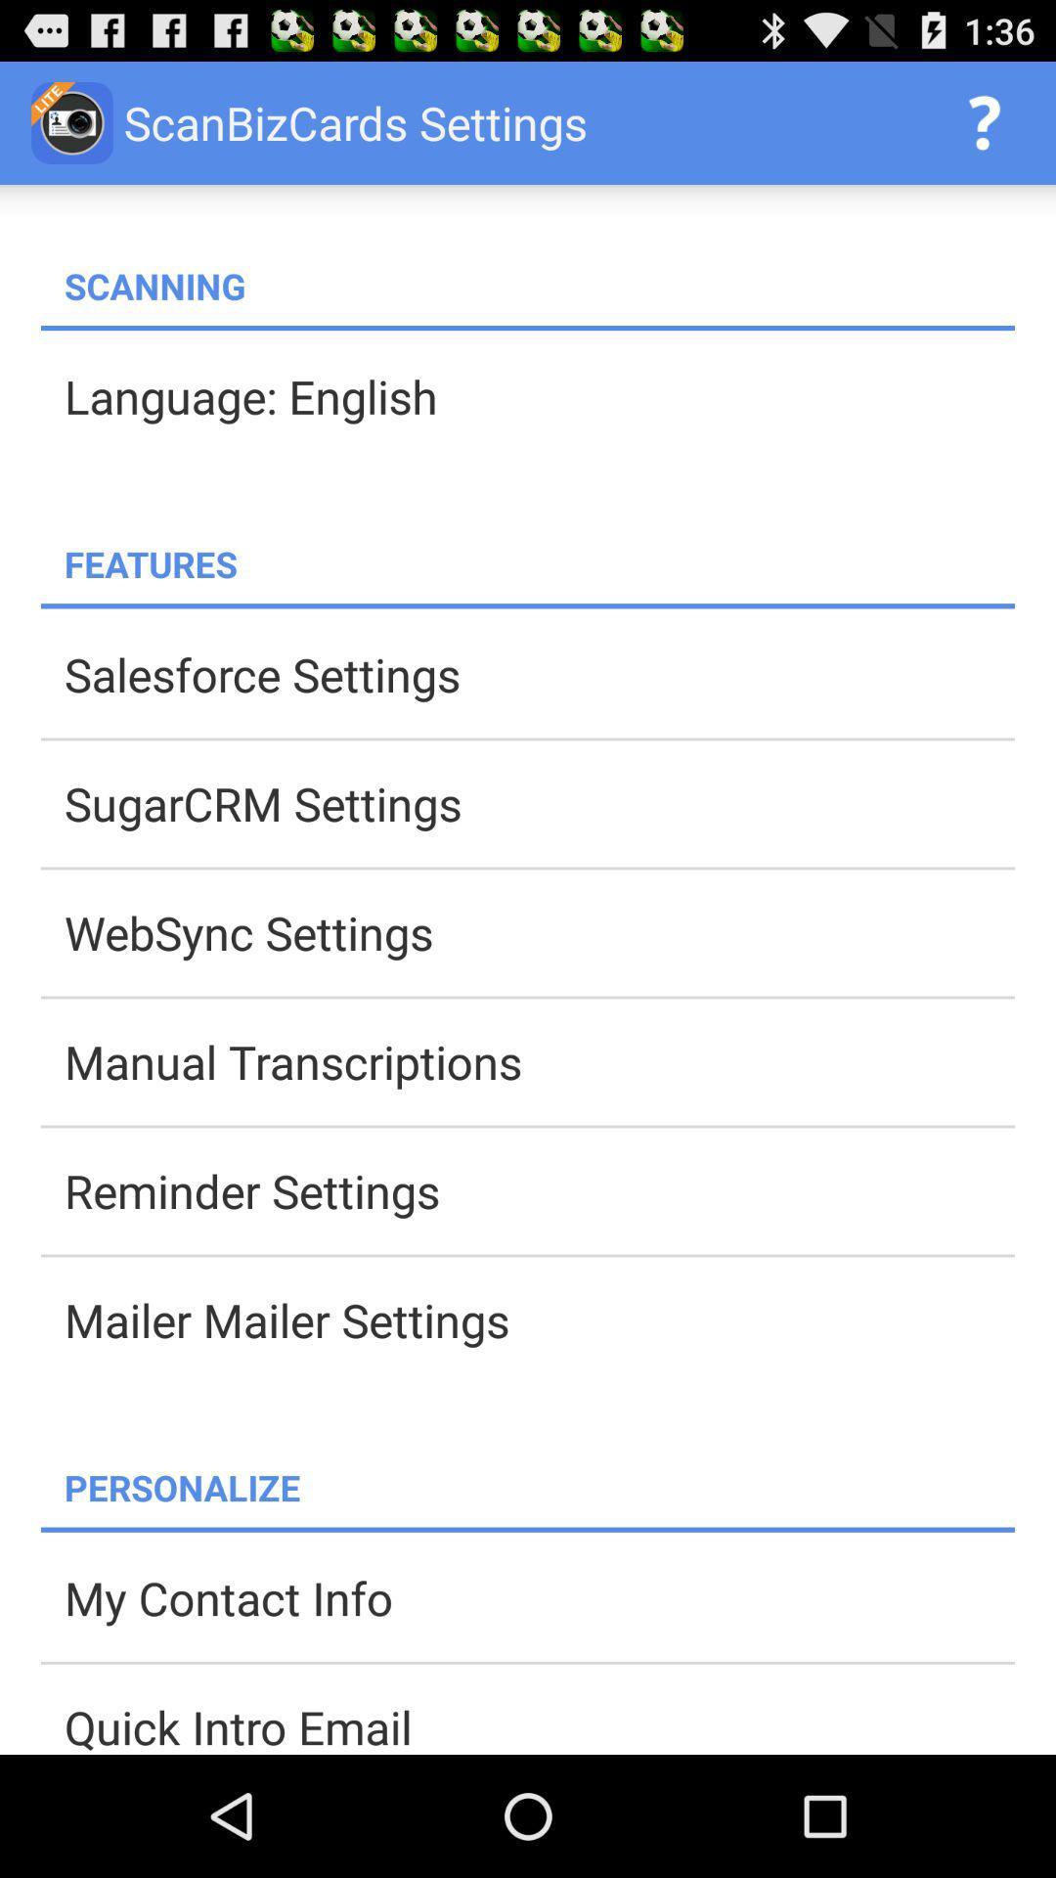 The height and width of the screenshot is (1878, 1056). I want to click on the icon below language: english icon, so click(539, 562).